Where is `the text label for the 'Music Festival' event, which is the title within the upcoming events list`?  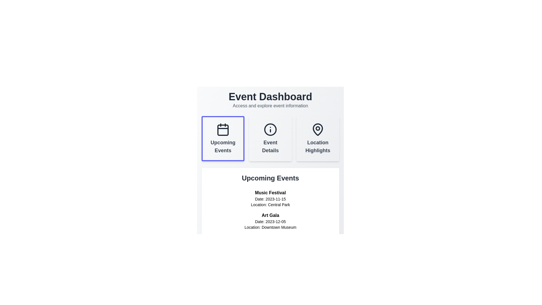 the text label for the 'Music Festival' event, which is the title within the upcoming events list is located at coordinates (270, 192).